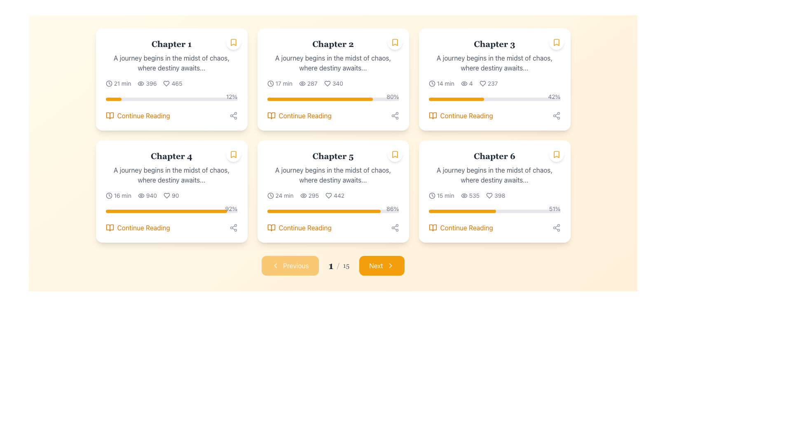 Image resolution: width=791 pixels, height=445 pixels. What do you see at coordinates (166, 84) in the screenshot?
I see `the heart-shaped indicator icon located in the Chapter 1 card` at bounding box center [166, 84].